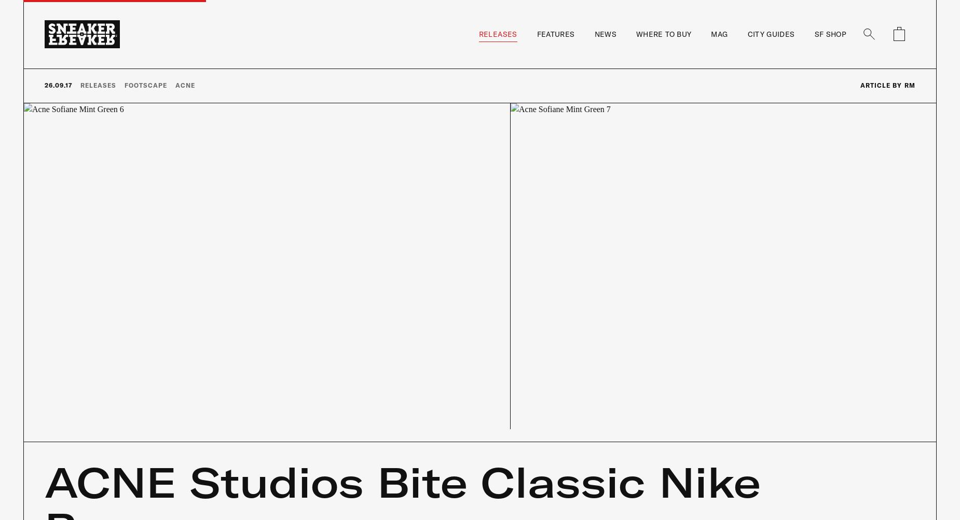 Image resolution: width=960 pixels, height=520 pixels. Describe the element at coordinates (145, 84) in the screenshot. I see `'Footscape'` at that location.